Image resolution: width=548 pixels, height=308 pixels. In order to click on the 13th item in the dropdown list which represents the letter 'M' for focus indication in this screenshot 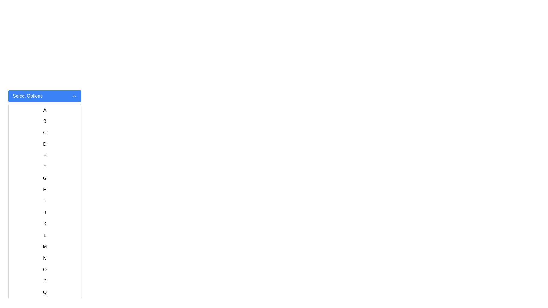, I will do `click(45, 247)`.